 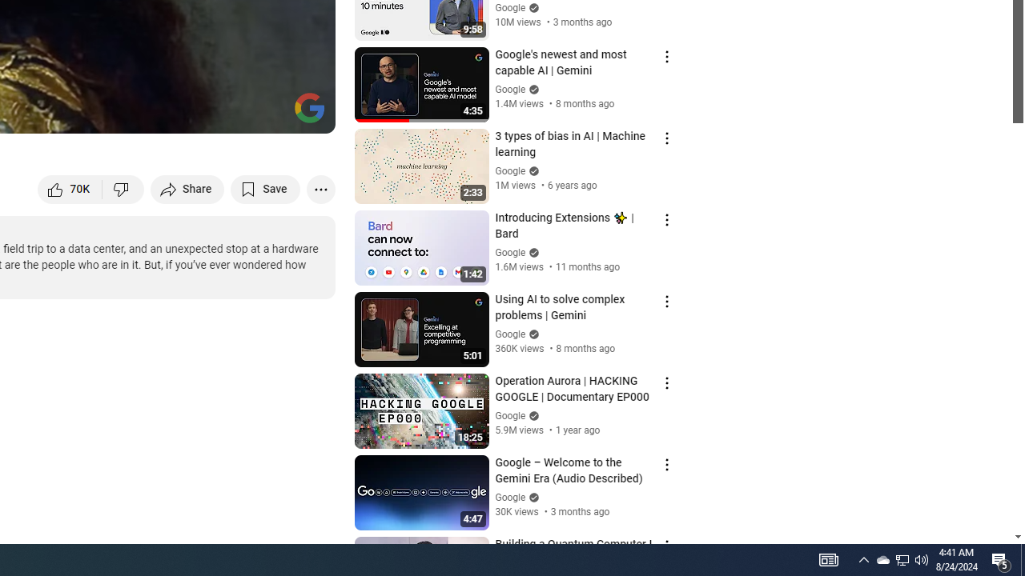 What do you see at coordinates (228, 113) in the screenshot?
I see `'Miniplayer (i)'` at bounding box center [228, 113].